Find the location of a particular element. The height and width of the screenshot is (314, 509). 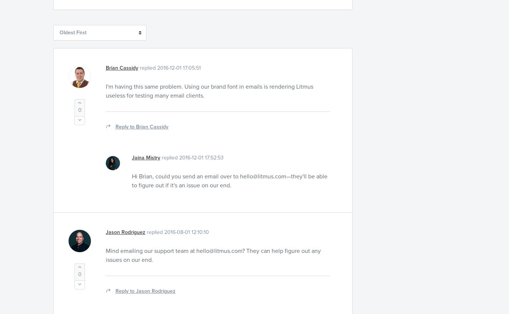

'JR' is located at coordinates (74, 240).